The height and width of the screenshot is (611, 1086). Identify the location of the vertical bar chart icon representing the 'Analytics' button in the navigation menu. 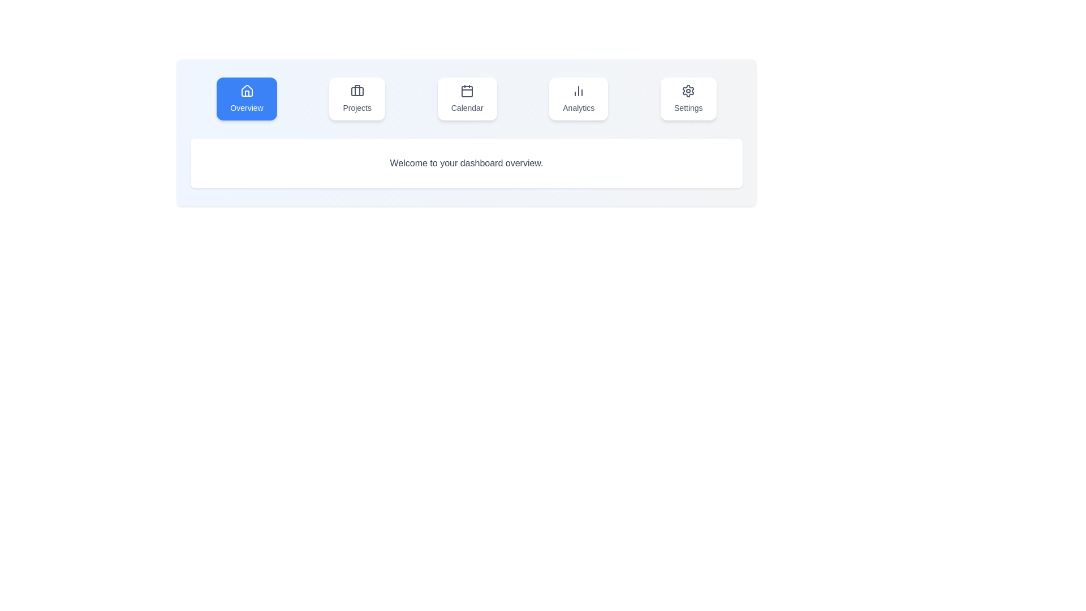
(579, 91).